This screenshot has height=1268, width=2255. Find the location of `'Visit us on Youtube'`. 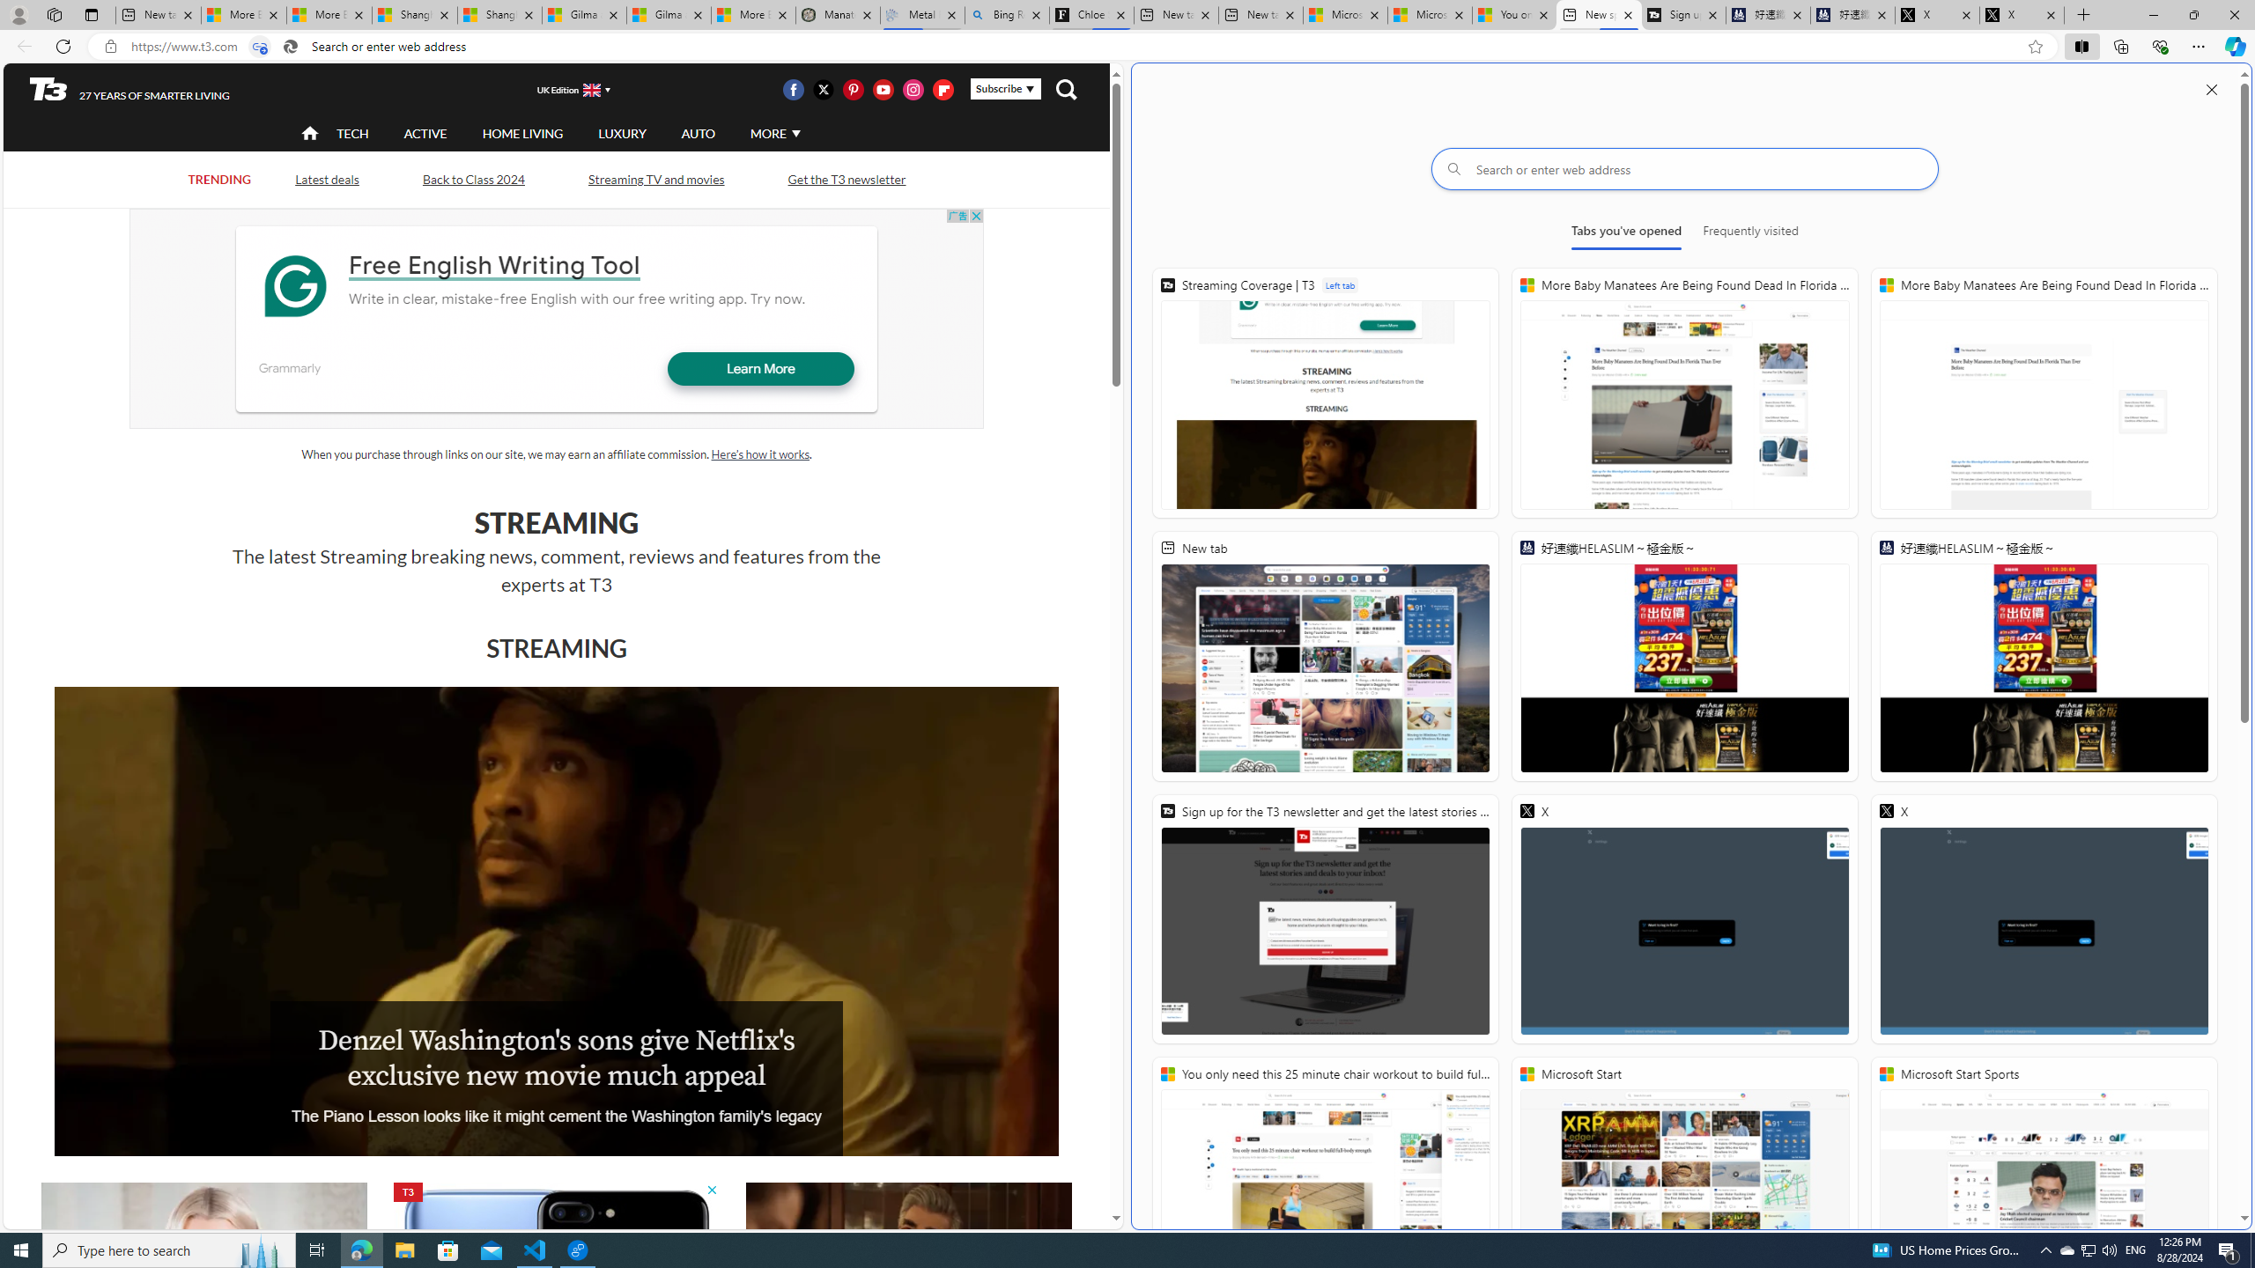

'Visit us on Youtube' is located at coordinates (883, 88).